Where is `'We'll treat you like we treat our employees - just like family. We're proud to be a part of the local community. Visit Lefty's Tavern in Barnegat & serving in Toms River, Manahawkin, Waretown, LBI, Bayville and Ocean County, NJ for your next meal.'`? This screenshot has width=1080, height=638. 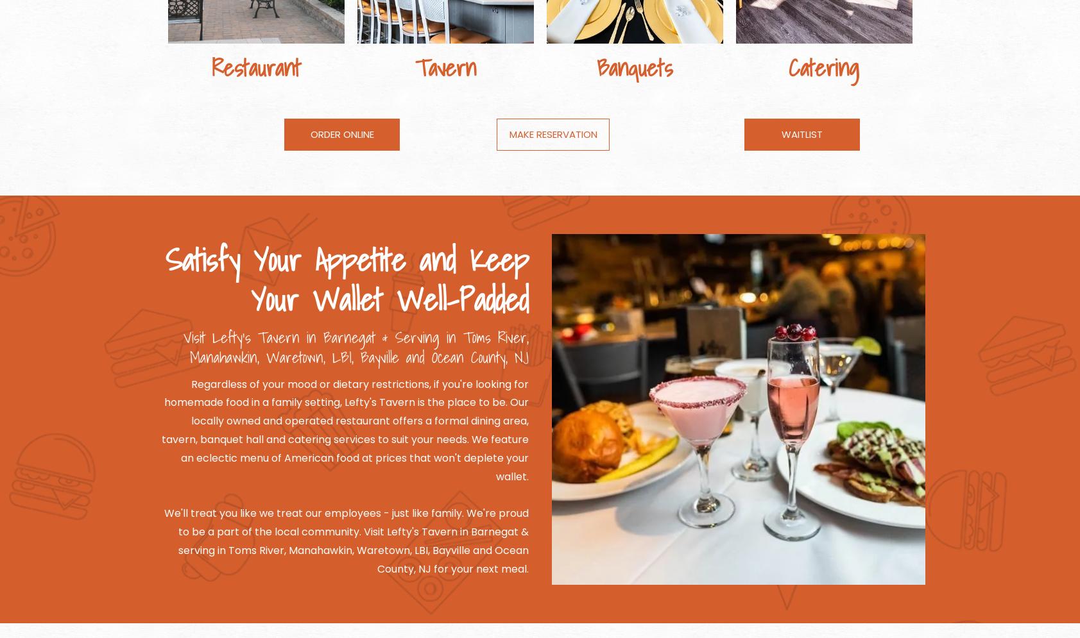 'We'll treat you like we treat our employees - just like family. We're proud to be a part of the local community. Visit Lefty's Tavern in Barnegat & serving in Toms River, Manahawkin, Waretown, LBI, Bayville and Ocean County, NJ for your next meal.' is located at coordinates (346, 541).